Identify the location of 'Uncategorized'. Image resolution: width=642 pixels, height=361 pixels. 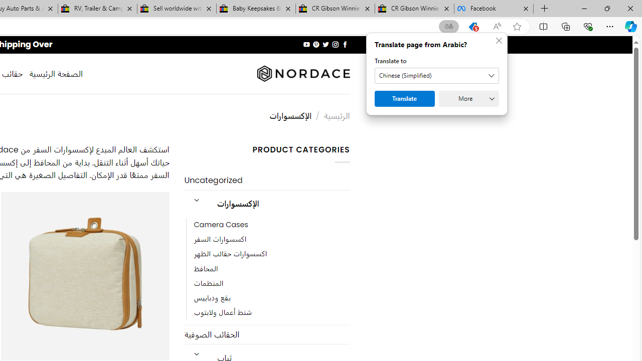
(267, 180).